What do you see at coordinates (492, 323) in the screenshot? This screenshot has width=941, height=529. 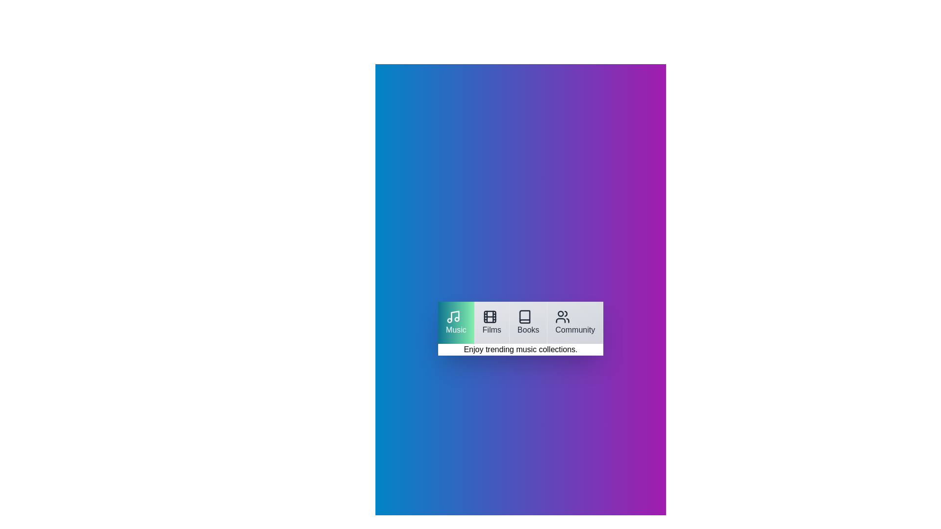 I see `the 'Films' button` at bounding box center [492, 323].